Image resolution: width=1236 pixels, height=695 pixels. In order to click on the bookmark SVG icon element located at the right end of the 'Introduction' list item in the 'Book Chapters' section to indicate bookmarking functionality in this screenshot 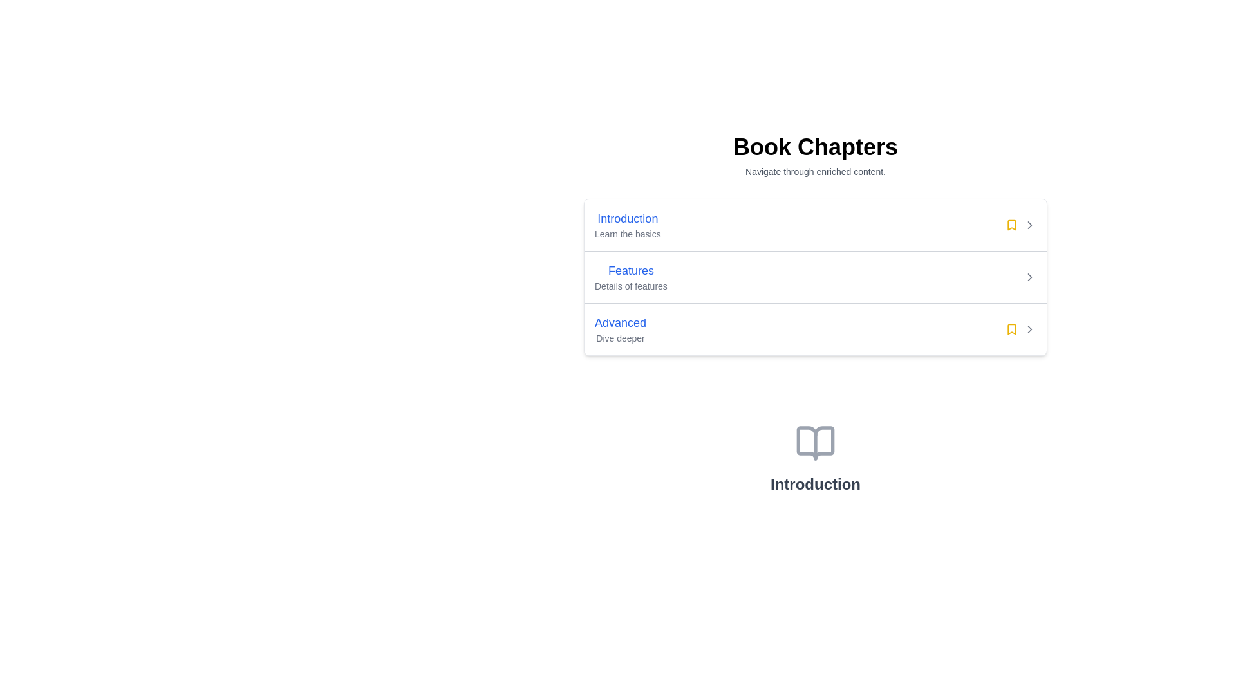, I will do `click(1011, 225)`.